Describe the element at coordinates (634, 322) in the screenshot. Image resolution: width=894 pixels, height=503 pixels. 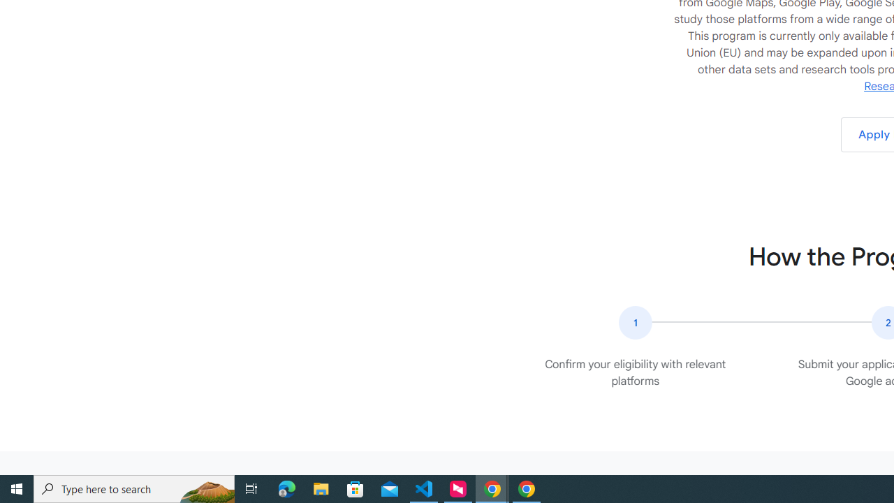
I see `'The number one in a circular icon.'` at that location.